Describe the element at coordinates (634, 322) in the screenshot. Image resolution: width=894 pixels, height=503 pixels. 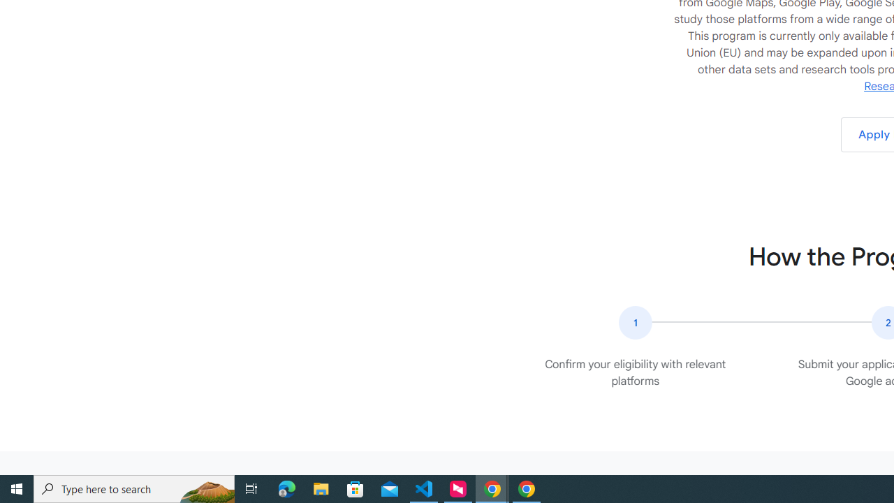
I see `'The number one in a circular icon.'` at that location.